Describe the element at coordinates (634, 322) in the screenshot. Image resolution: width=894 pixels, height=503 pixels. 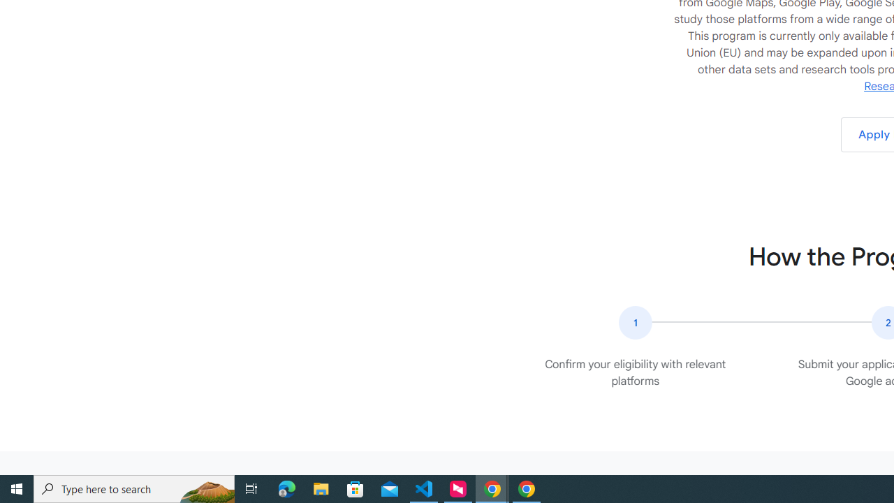
I see `'The number one in a circular icon.'` at that location.